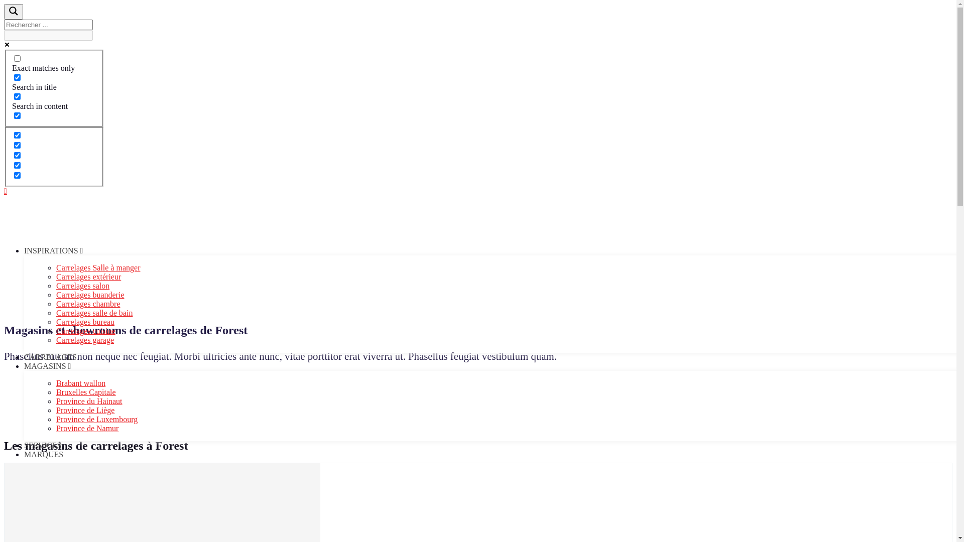 The image size is (964, 542). Describe the element at coordinates (55, 286) in the screenshot. I see `'Carrelages salon'` at that location.